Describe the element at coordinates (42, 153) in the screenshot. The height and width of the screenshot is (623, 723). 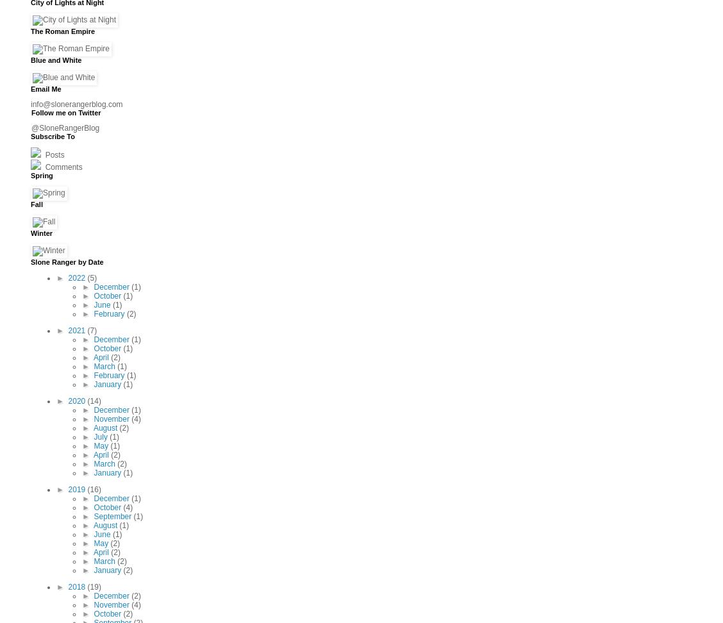
I see `'Posts'` at that location.